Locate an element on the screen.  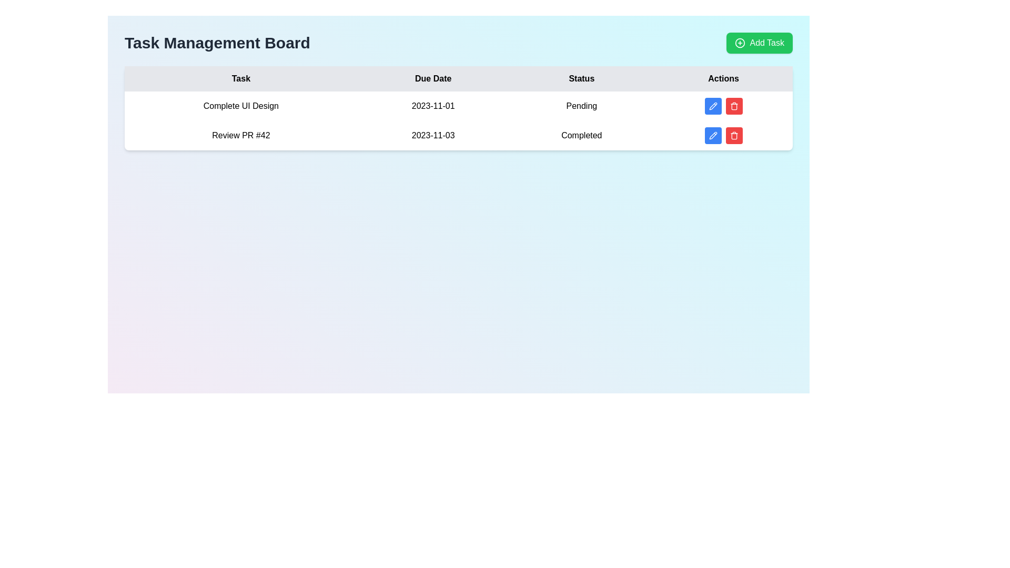
the static text label displaying 'Review PR #42' located in the 'Task' column, which is the second entry beneath 'Complete UI Design' is located at coordinates (240, 135).